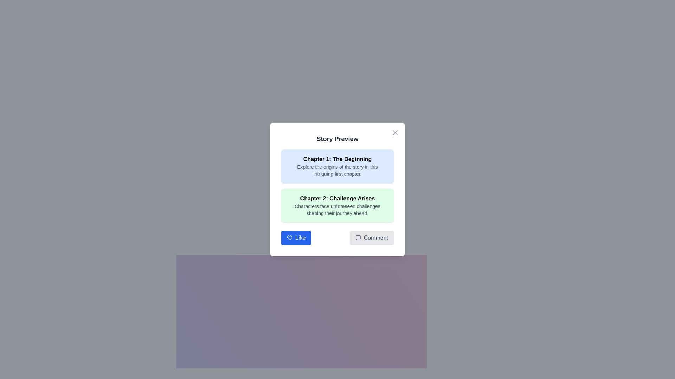  What do you see at coordinates (337, 171) in the screenshot?
I see `the text label providing a summary related to 'Chapter 1: The Beginning', which is located beneath the bold title inside a rounded rectangle with a light blue background` at bounding box center [337, 171].